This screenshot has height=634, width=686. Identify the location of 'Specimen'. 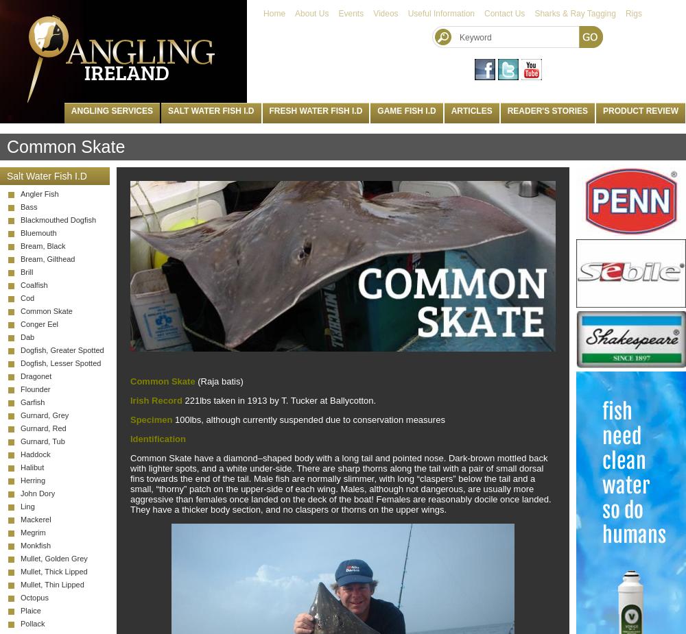
(150, 419).